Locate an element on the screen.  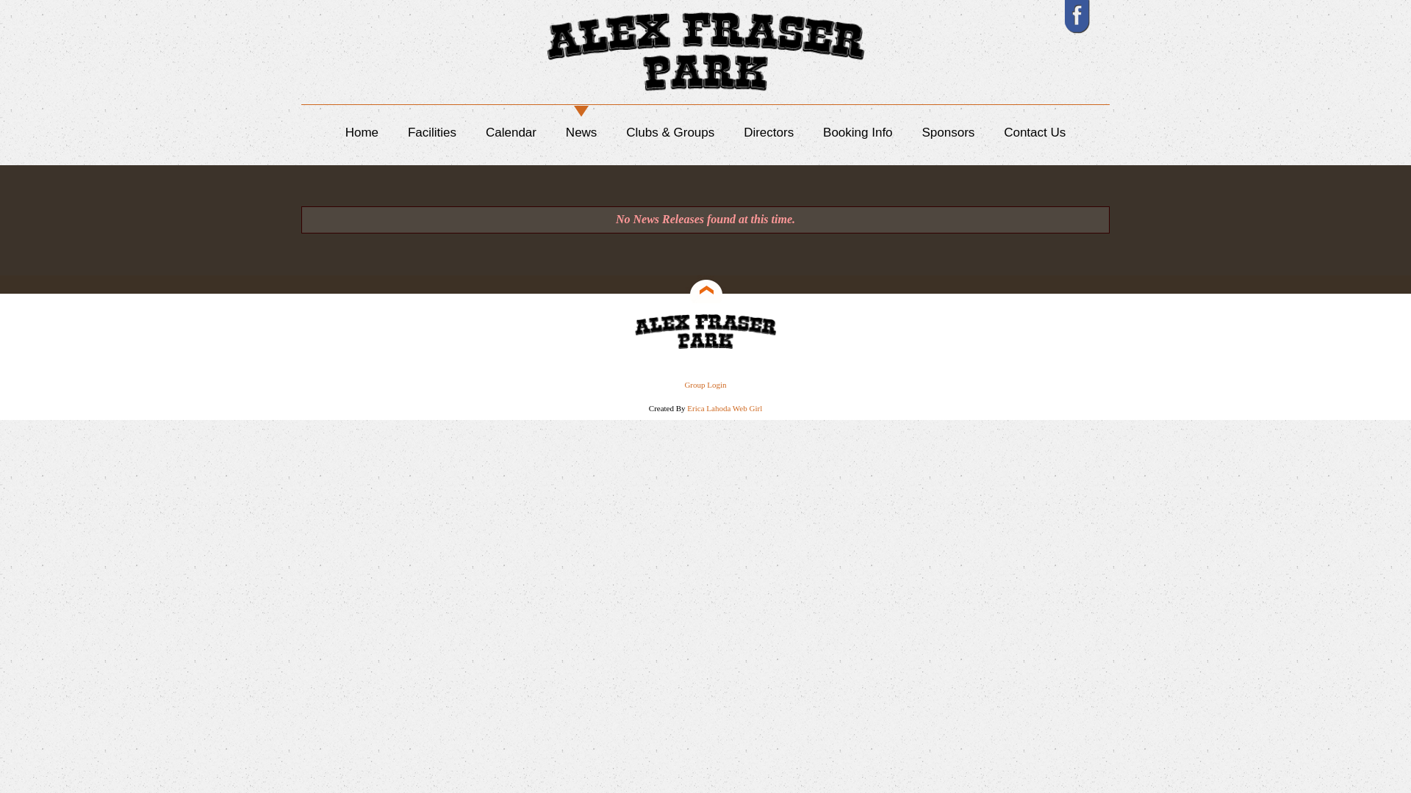
'Directors' is located at coordinates (768, 132).